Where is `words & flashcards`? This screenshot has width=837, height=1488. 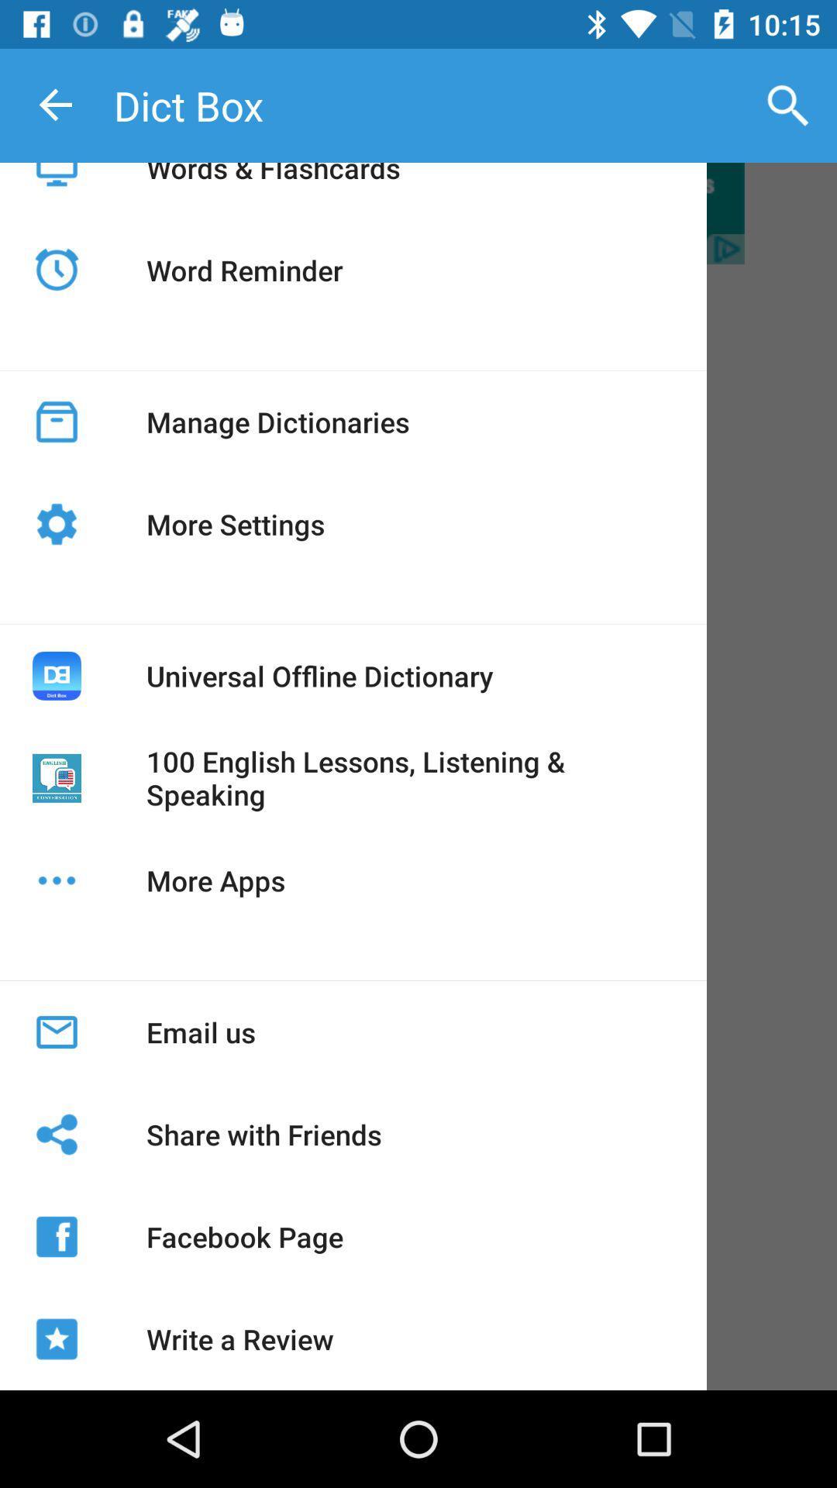 words & flashcards is located at coordinates (272, 185).